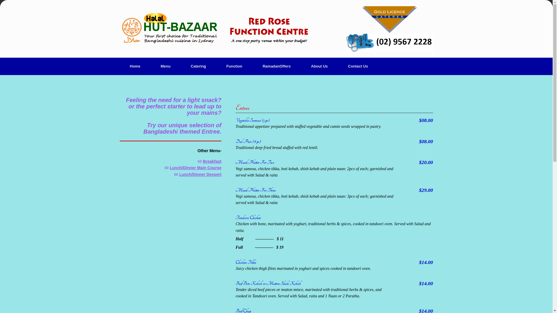  Describe the element at coordinates (198, 66) in the screenshot. I see `'Catering'` at that location.